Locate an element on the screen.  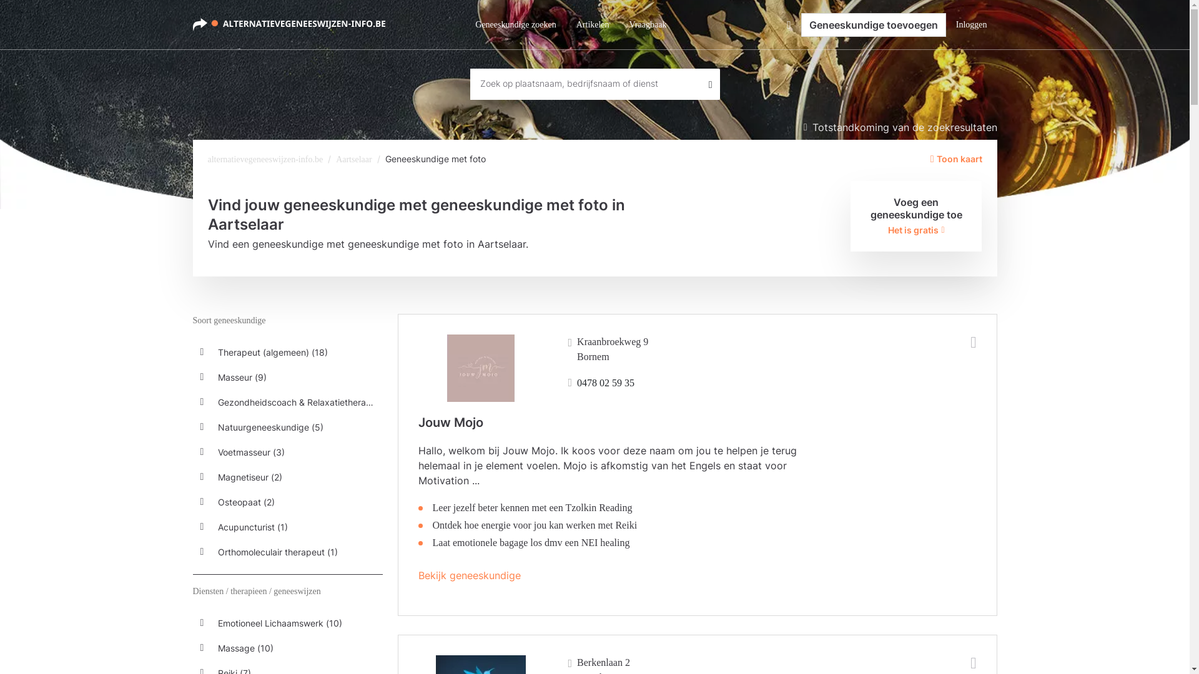
'Geneeskundige toevoegen' is located at coordinates (872, 24).